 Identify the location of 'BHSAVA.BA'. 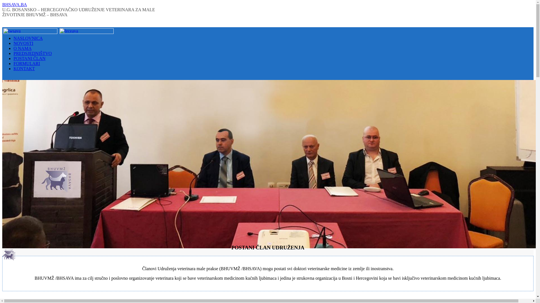
(8, 259).